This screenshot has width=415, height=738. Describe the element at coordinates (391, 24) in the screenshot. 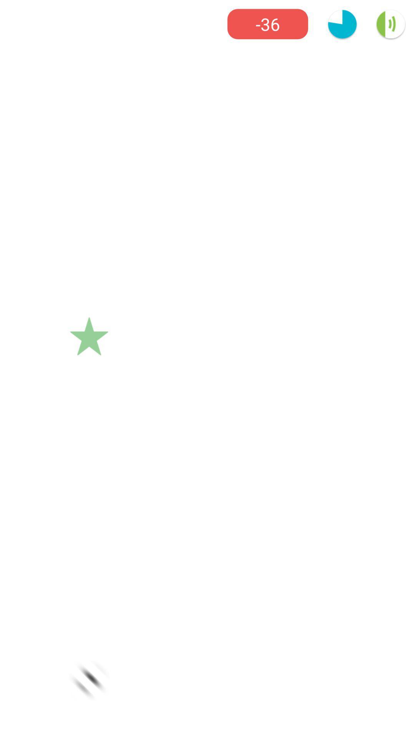

I see `the volume icon` at that location.